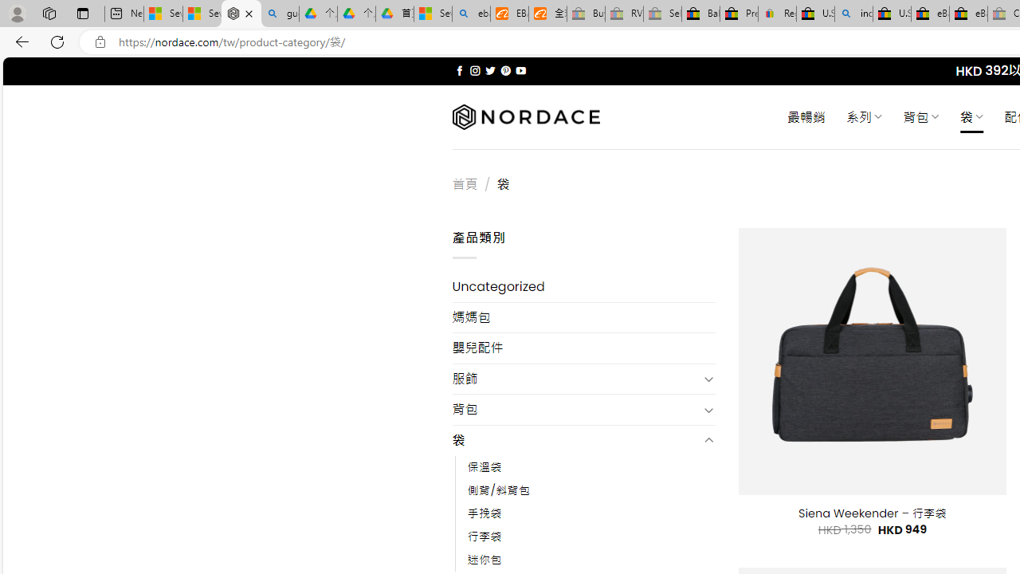  Describe the element at coordinates (853, 14) in the screenshot. I see `'including - Search'` at that location.